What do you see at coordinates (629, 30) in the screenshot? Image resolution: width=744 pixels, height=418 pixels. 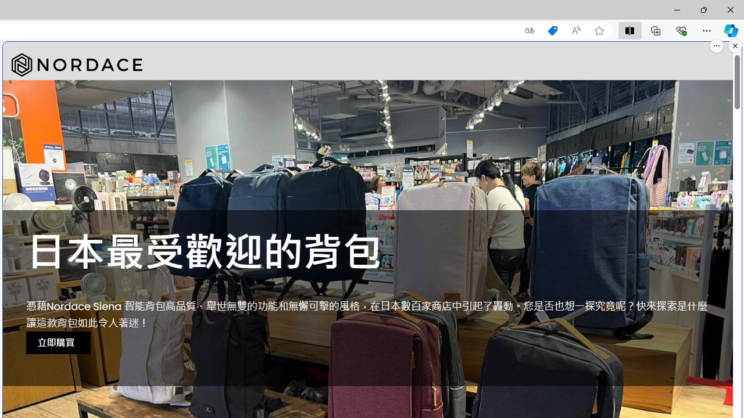 I see `'Split screen'` at bounding box center [629, 30].